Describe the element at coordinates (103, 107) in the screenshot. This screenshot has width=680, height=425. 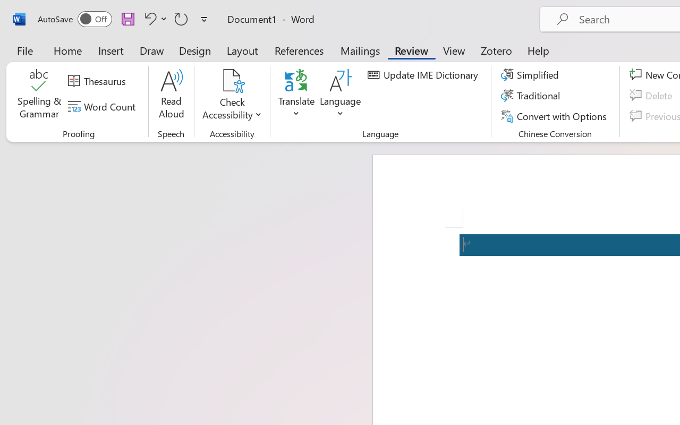
I see `'Word Count'` at that location.